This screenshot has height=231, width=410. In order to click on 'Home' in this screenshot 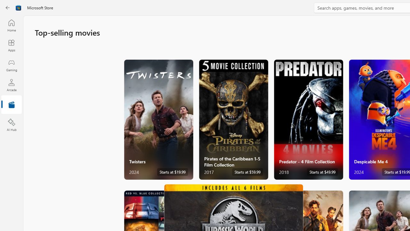, I will do `click(11, 25)`.